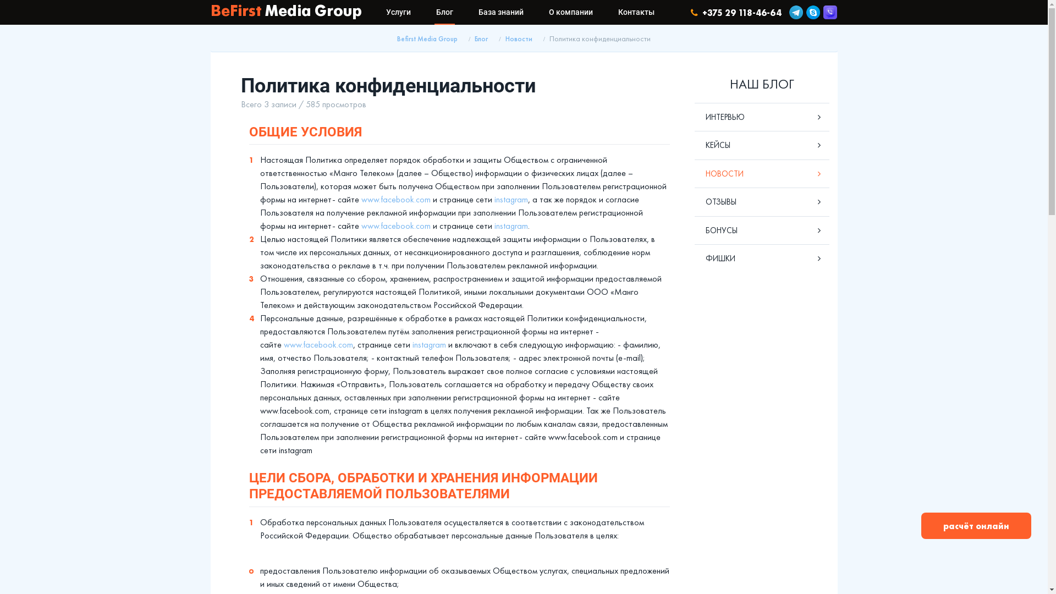  I want to click on 'instagram', so click(510, 225).